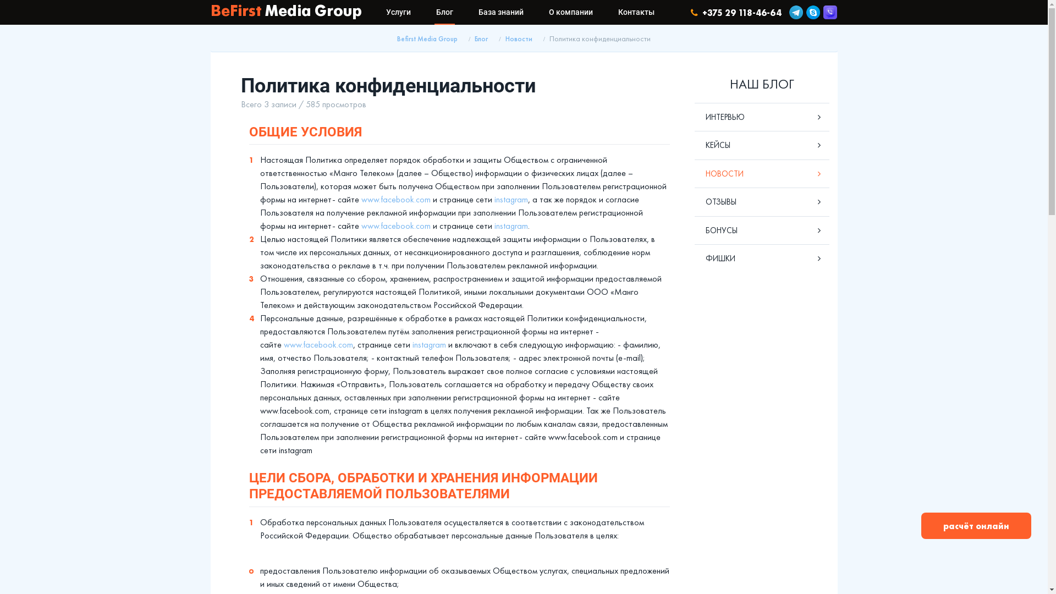  I want to click on 'instagram', so click(510, 225).